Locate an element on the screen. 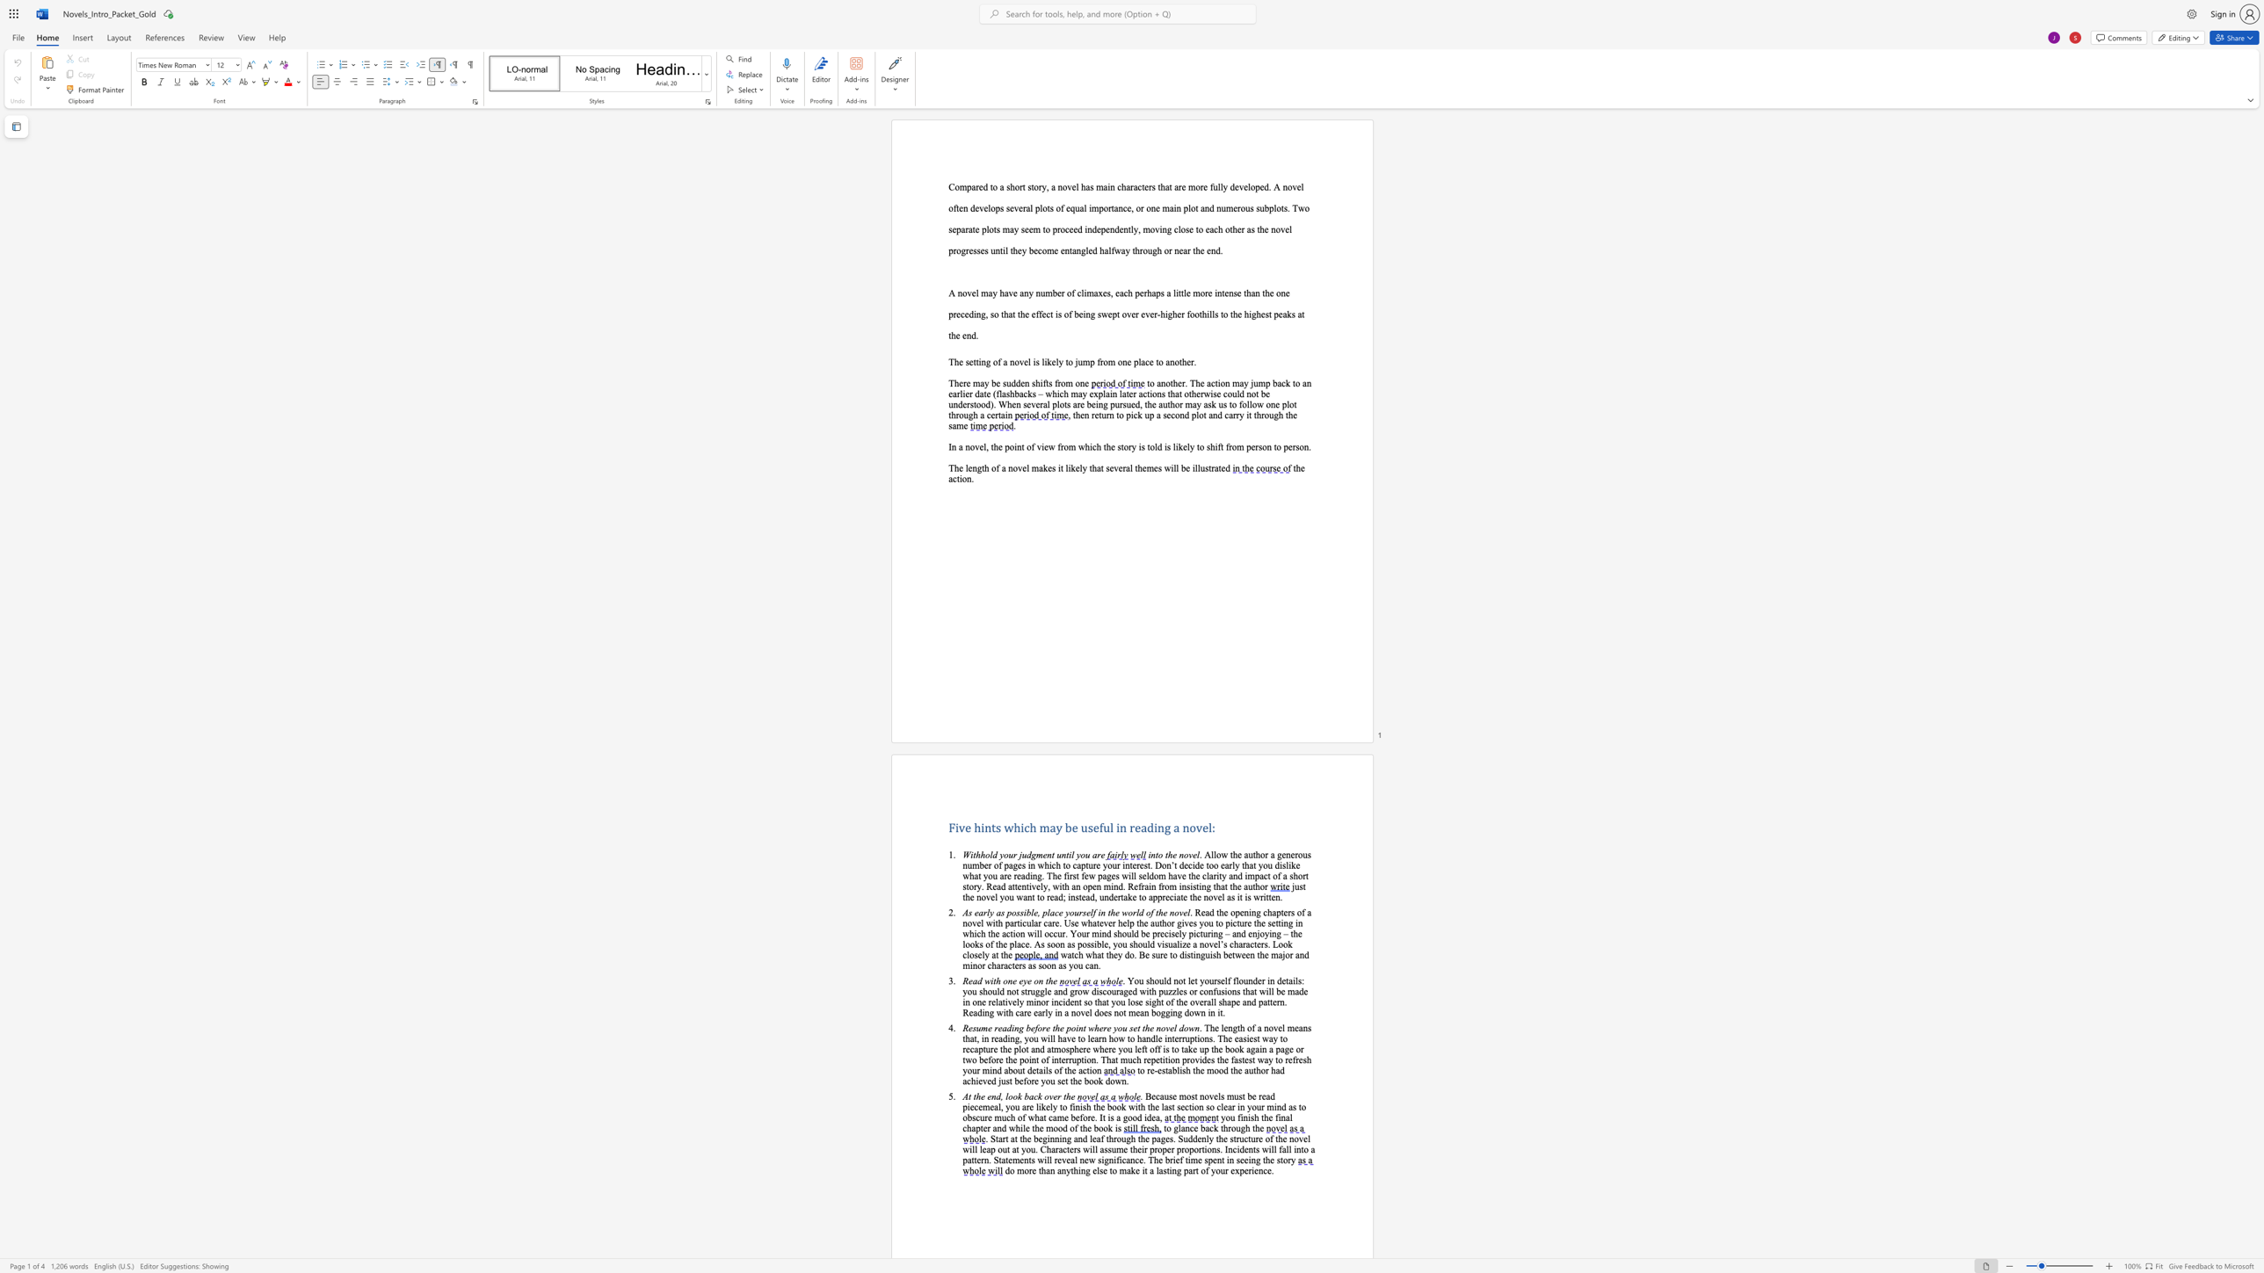 The width and height of the screenshot is (2264, 1273). the subset text "n which to capt" within the text ". Allow the author a generous number of pages in which to capture your interest." is located at coordinates (1029, 865).